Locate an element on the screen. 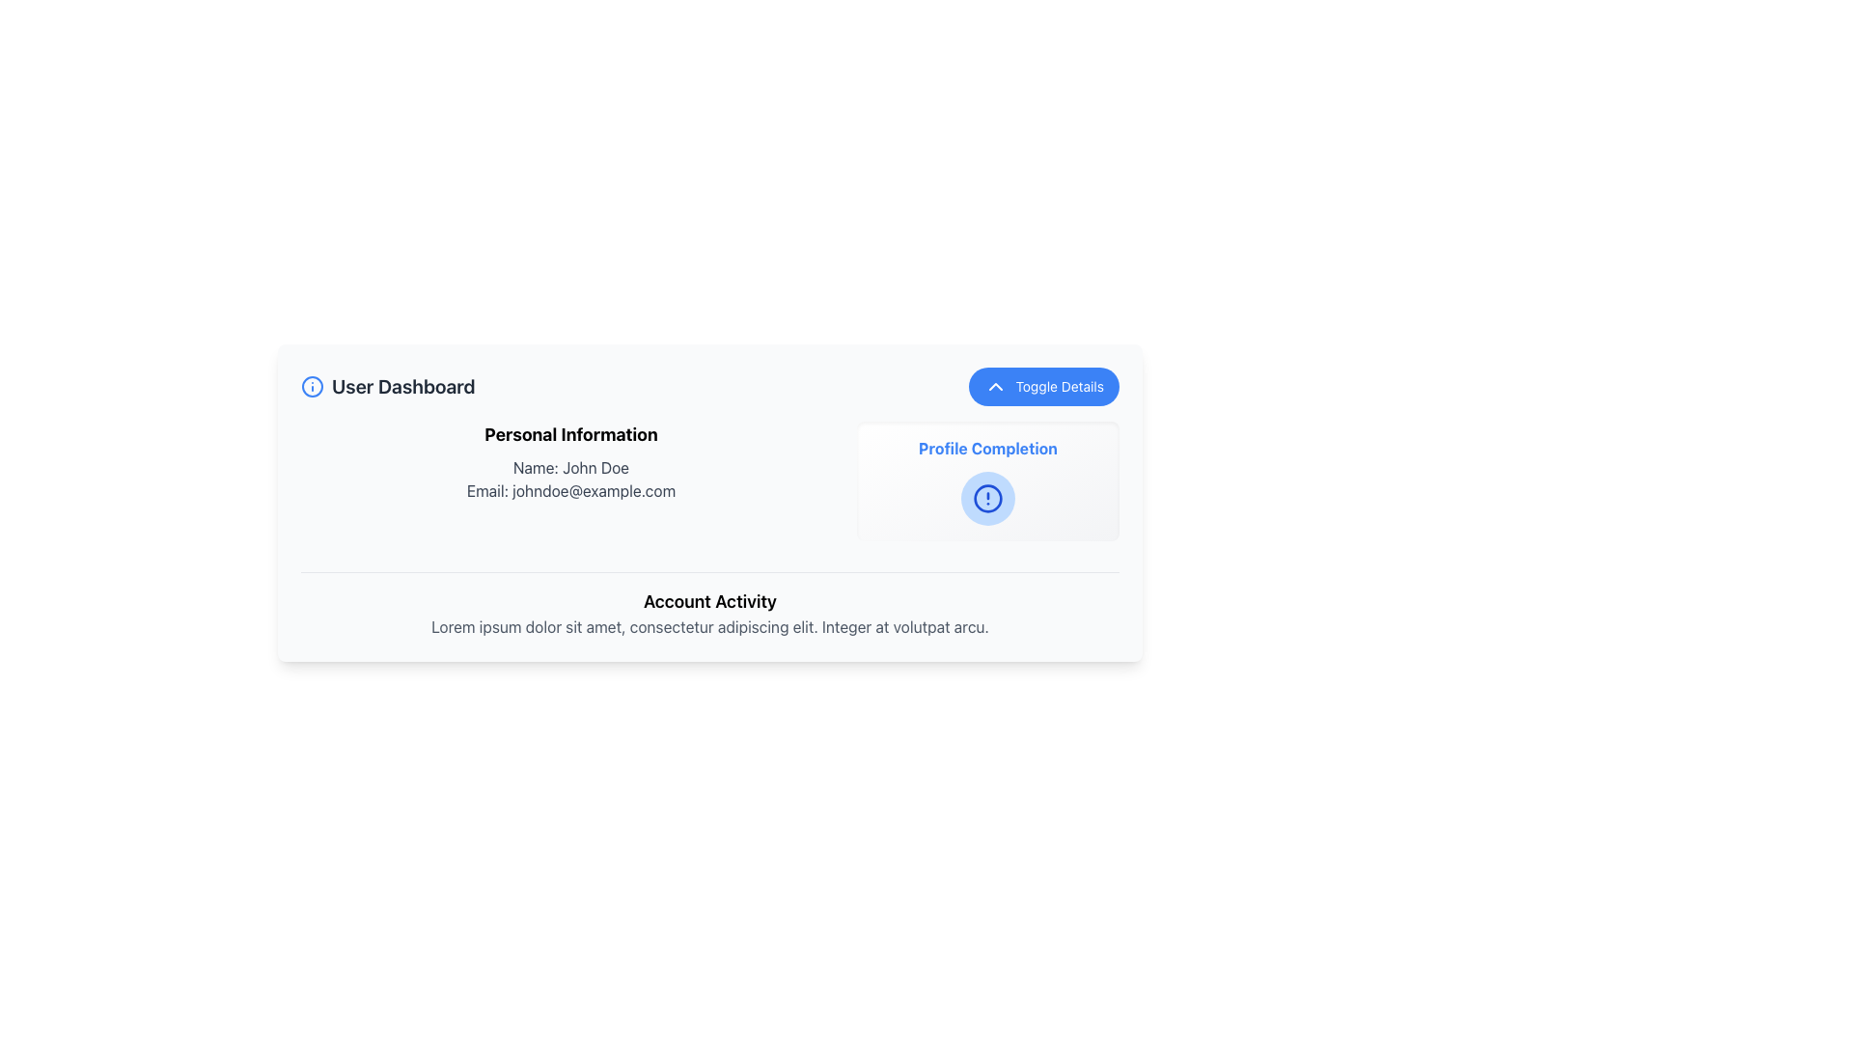 The width and height of the screenshot is (1853, 1042). the content of the circular icon with a light blue background and blue border, featuring a dark blue exclamation mark, located within the 'Profile Completion' card is located at coordinates (987, 497).